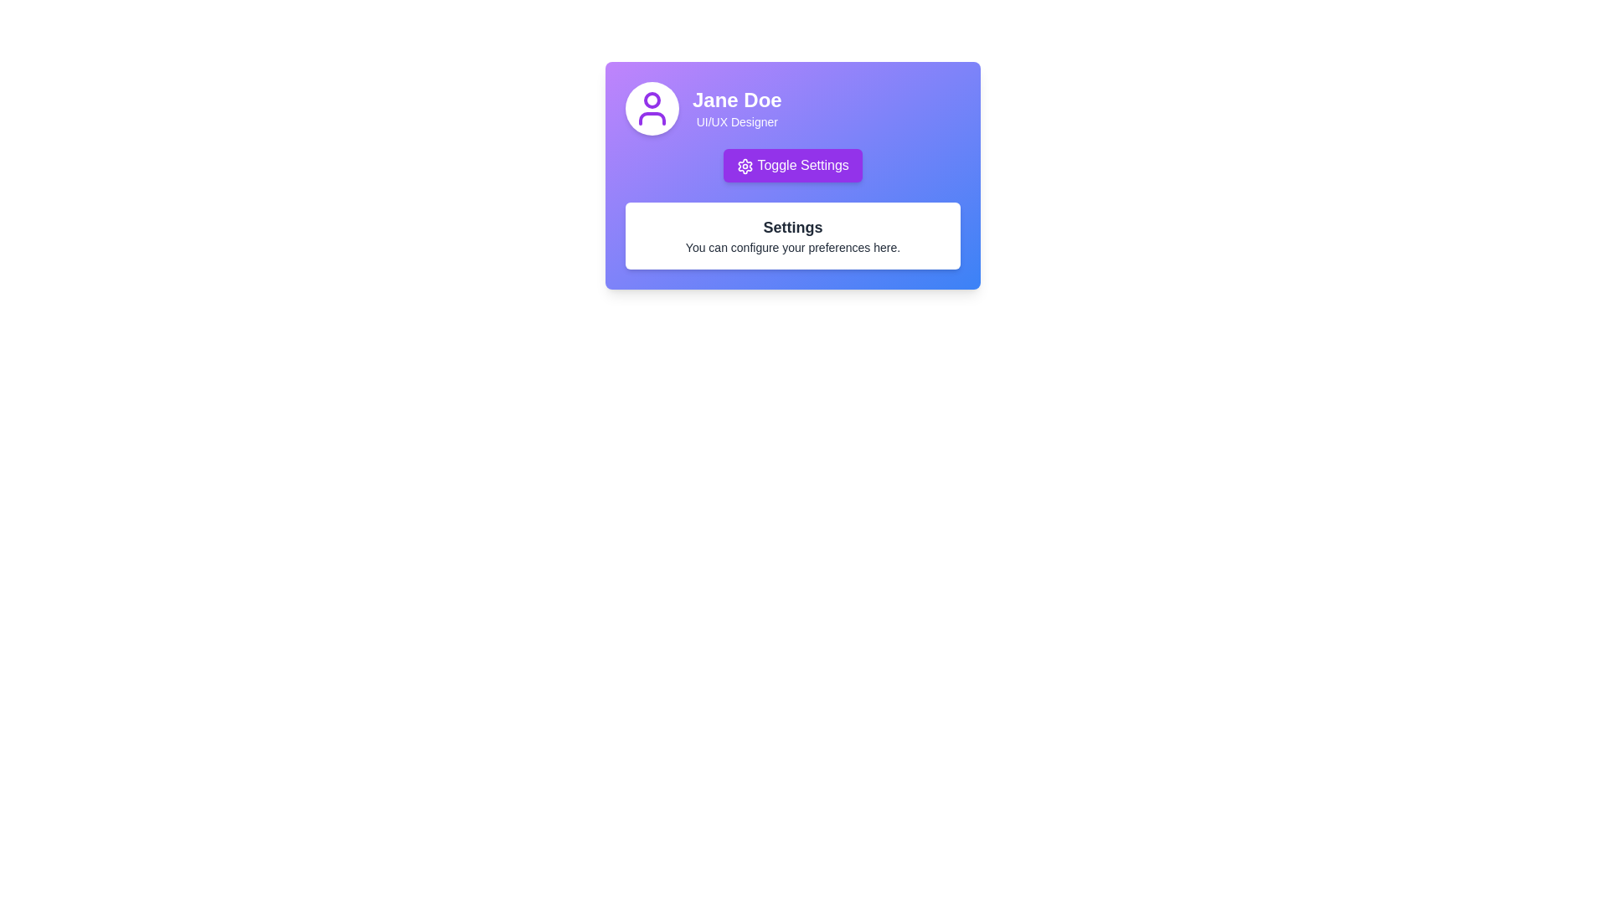 The width and height of the screenshot is (1608, 904). What do you see at coordinates (791, 165) in the screenshot?
I see `the 'Toggle Settings' button with a bold purple background, located in the middle of the card for 'Jane Doe - UI/UX Designer'` at bounding box center [791, 165].